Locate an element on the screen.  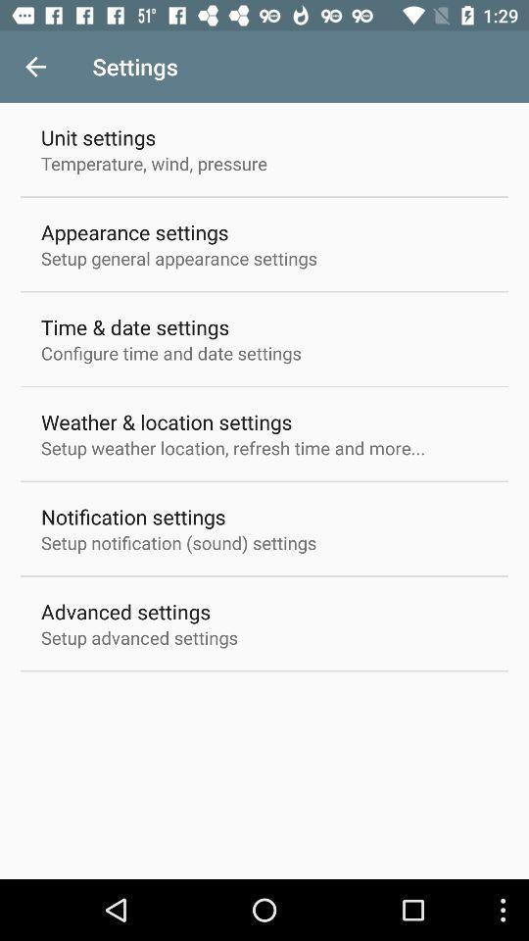
item above the time & date settings is located at coordinates (179, 257).